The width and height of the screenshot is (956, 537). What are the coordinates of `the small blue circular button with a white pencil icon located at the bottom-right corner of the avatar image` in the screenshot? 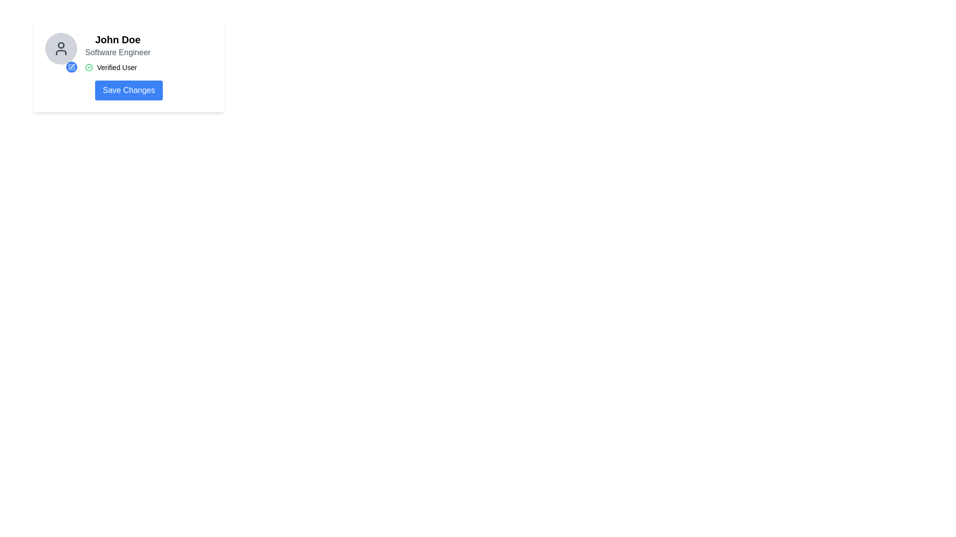 It's located at (71, 67).